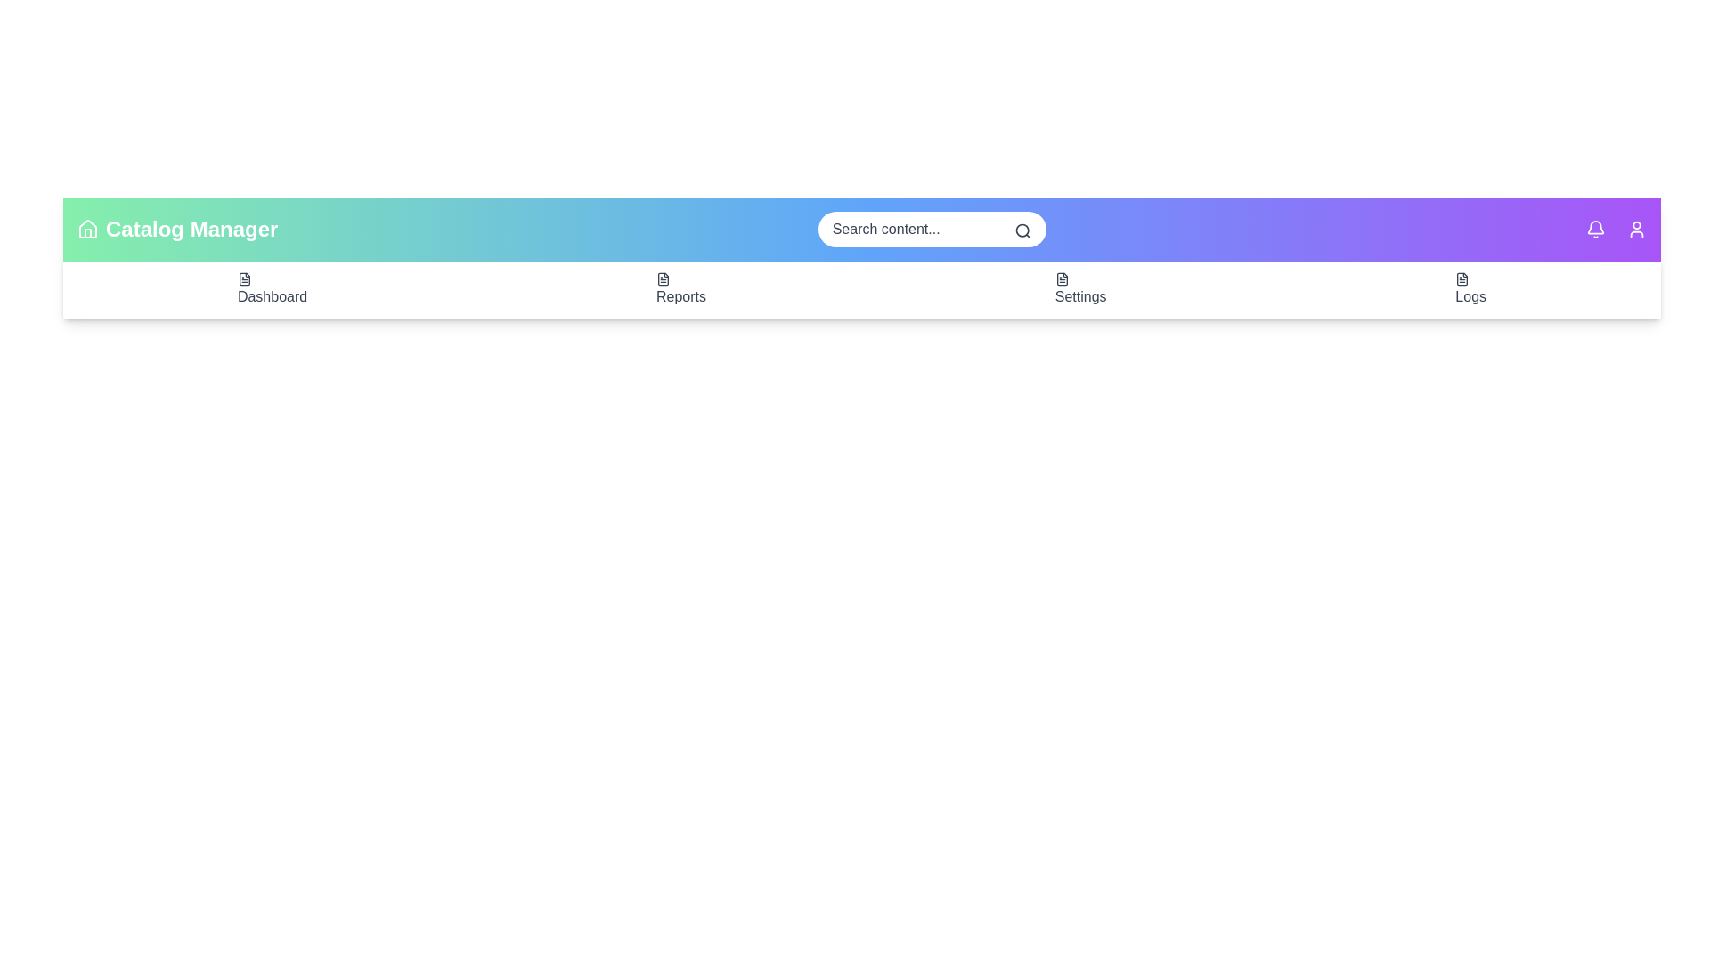  What do you see at coordinates (272, 289) in the screenshot?
I see `the 'Dashboard' menu item to navigate to the dashboard` at bounding box center [272, 289].